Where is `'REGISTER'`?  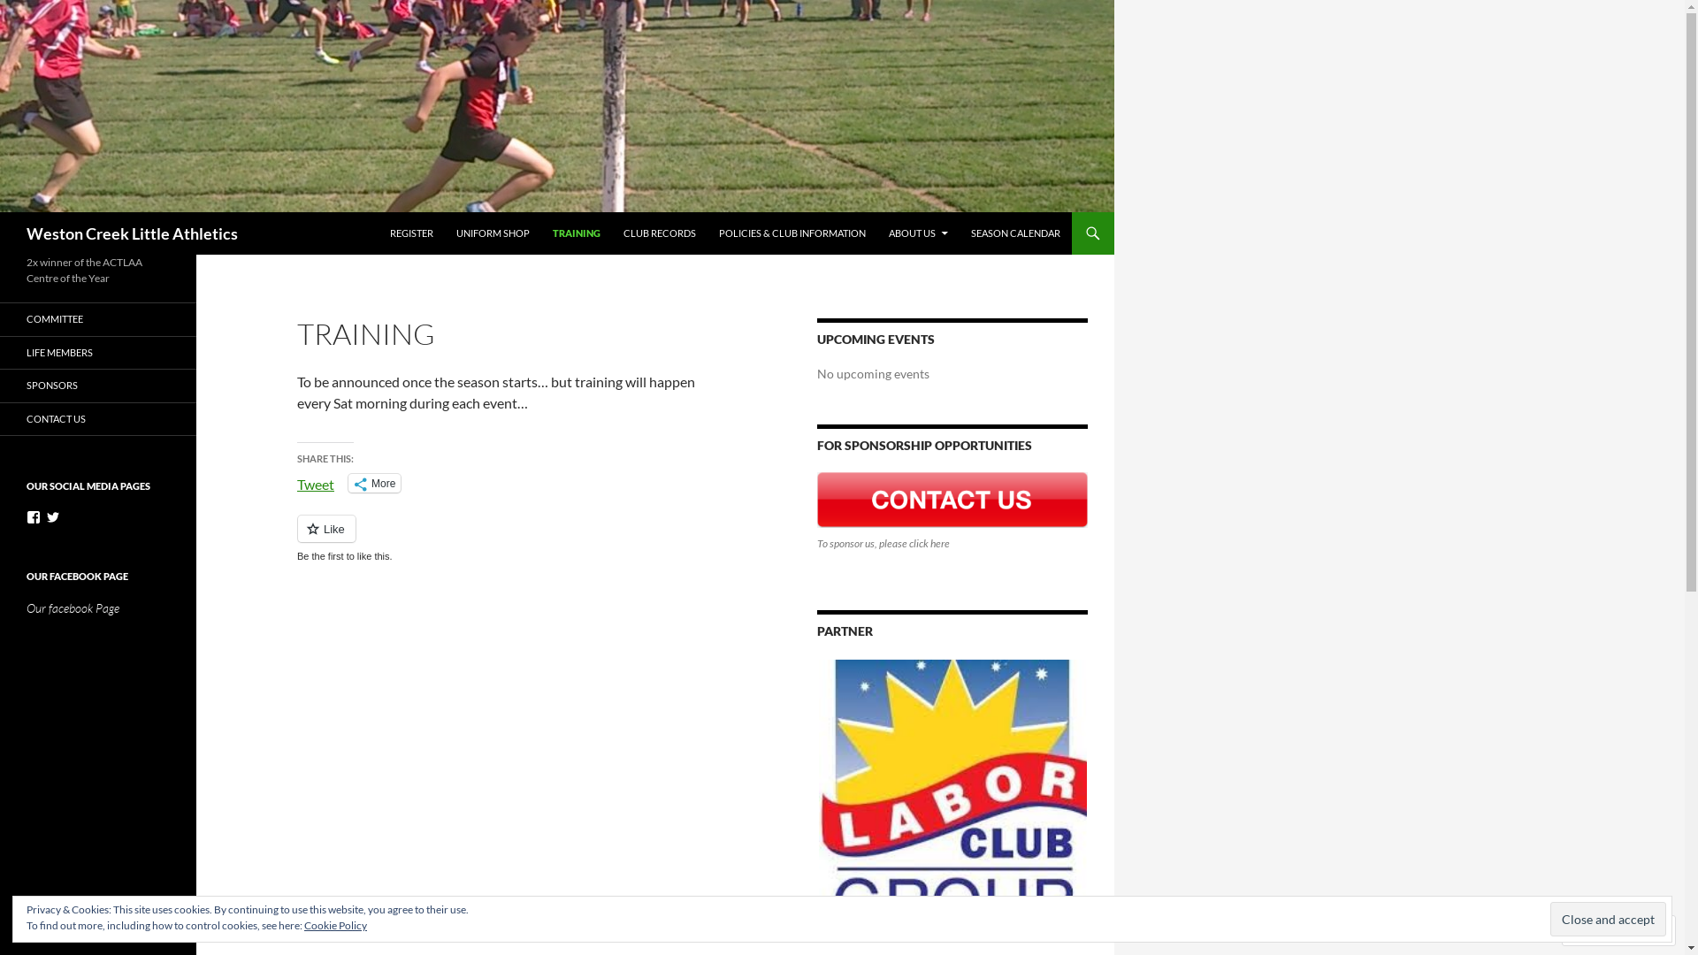 'REGISTER' is located at coordinates (378, 232).